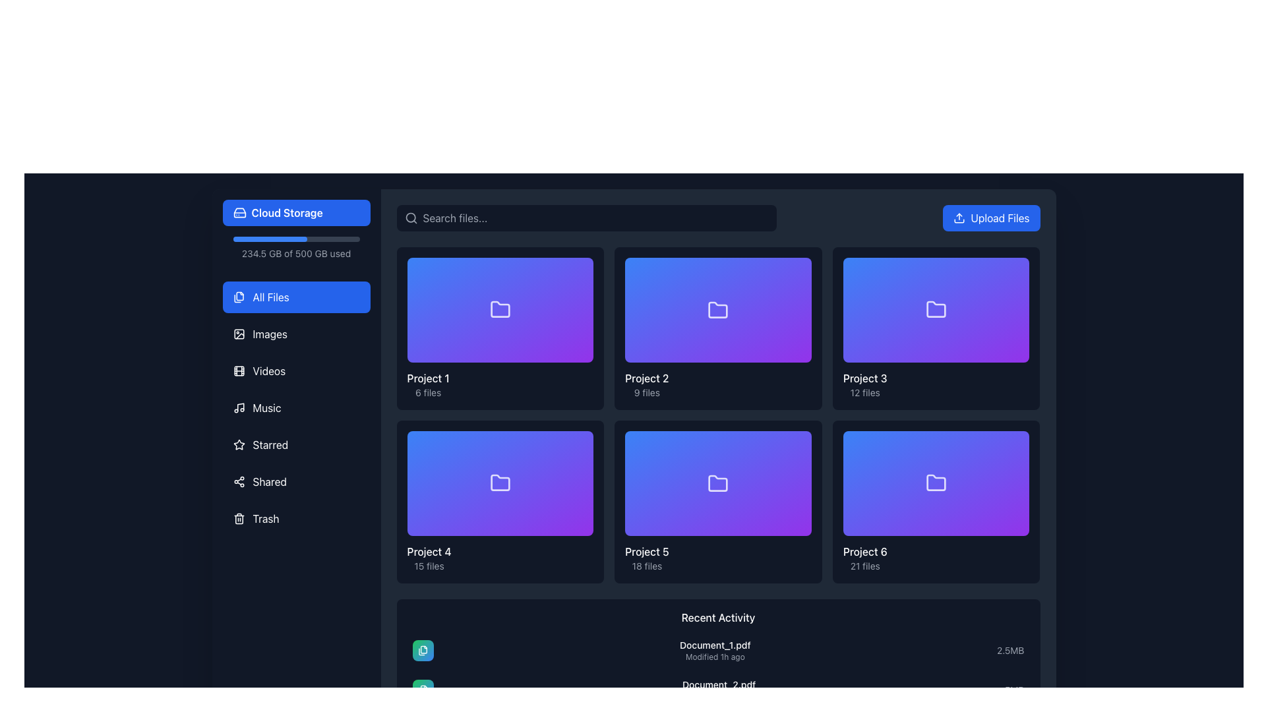 This screenshot has width=1266, height=712. I want to click on the 'All Files' text label in the navigation menu, so click(270, 297).